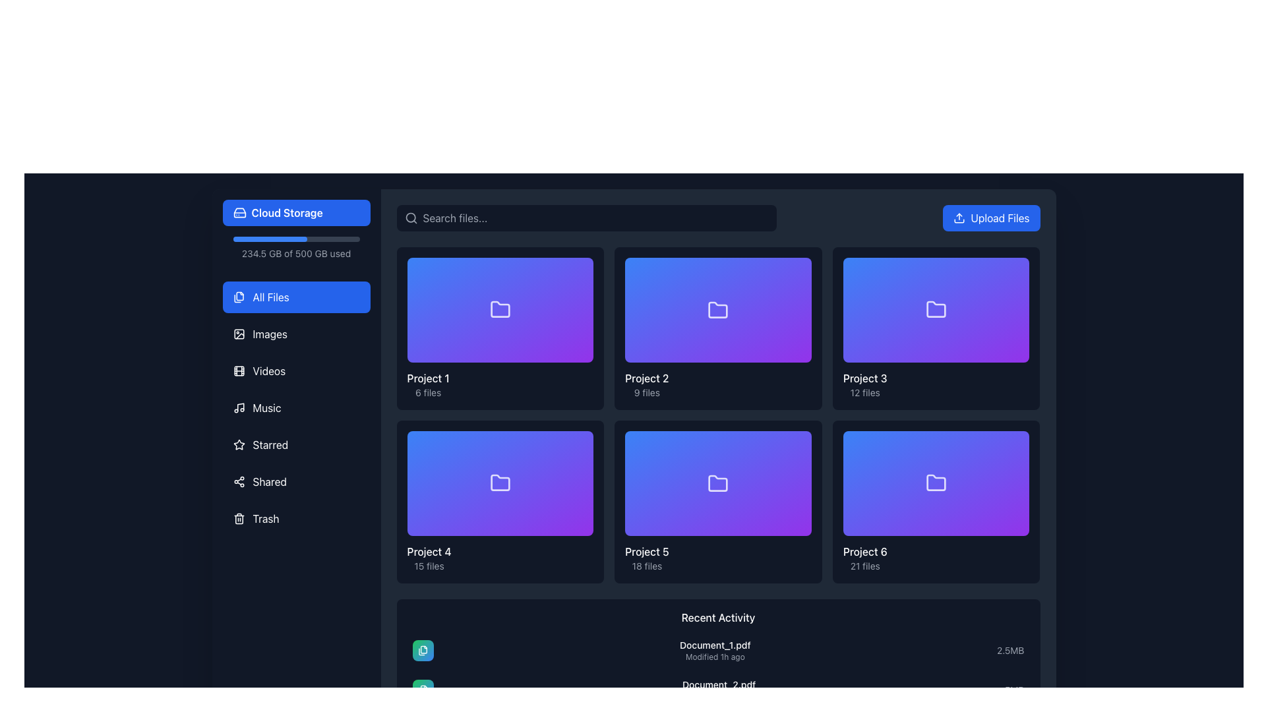 This screenshot has width=1266, height=712. I want to click on the 'All Files' text label in the navigation menu, so click(270, 297).